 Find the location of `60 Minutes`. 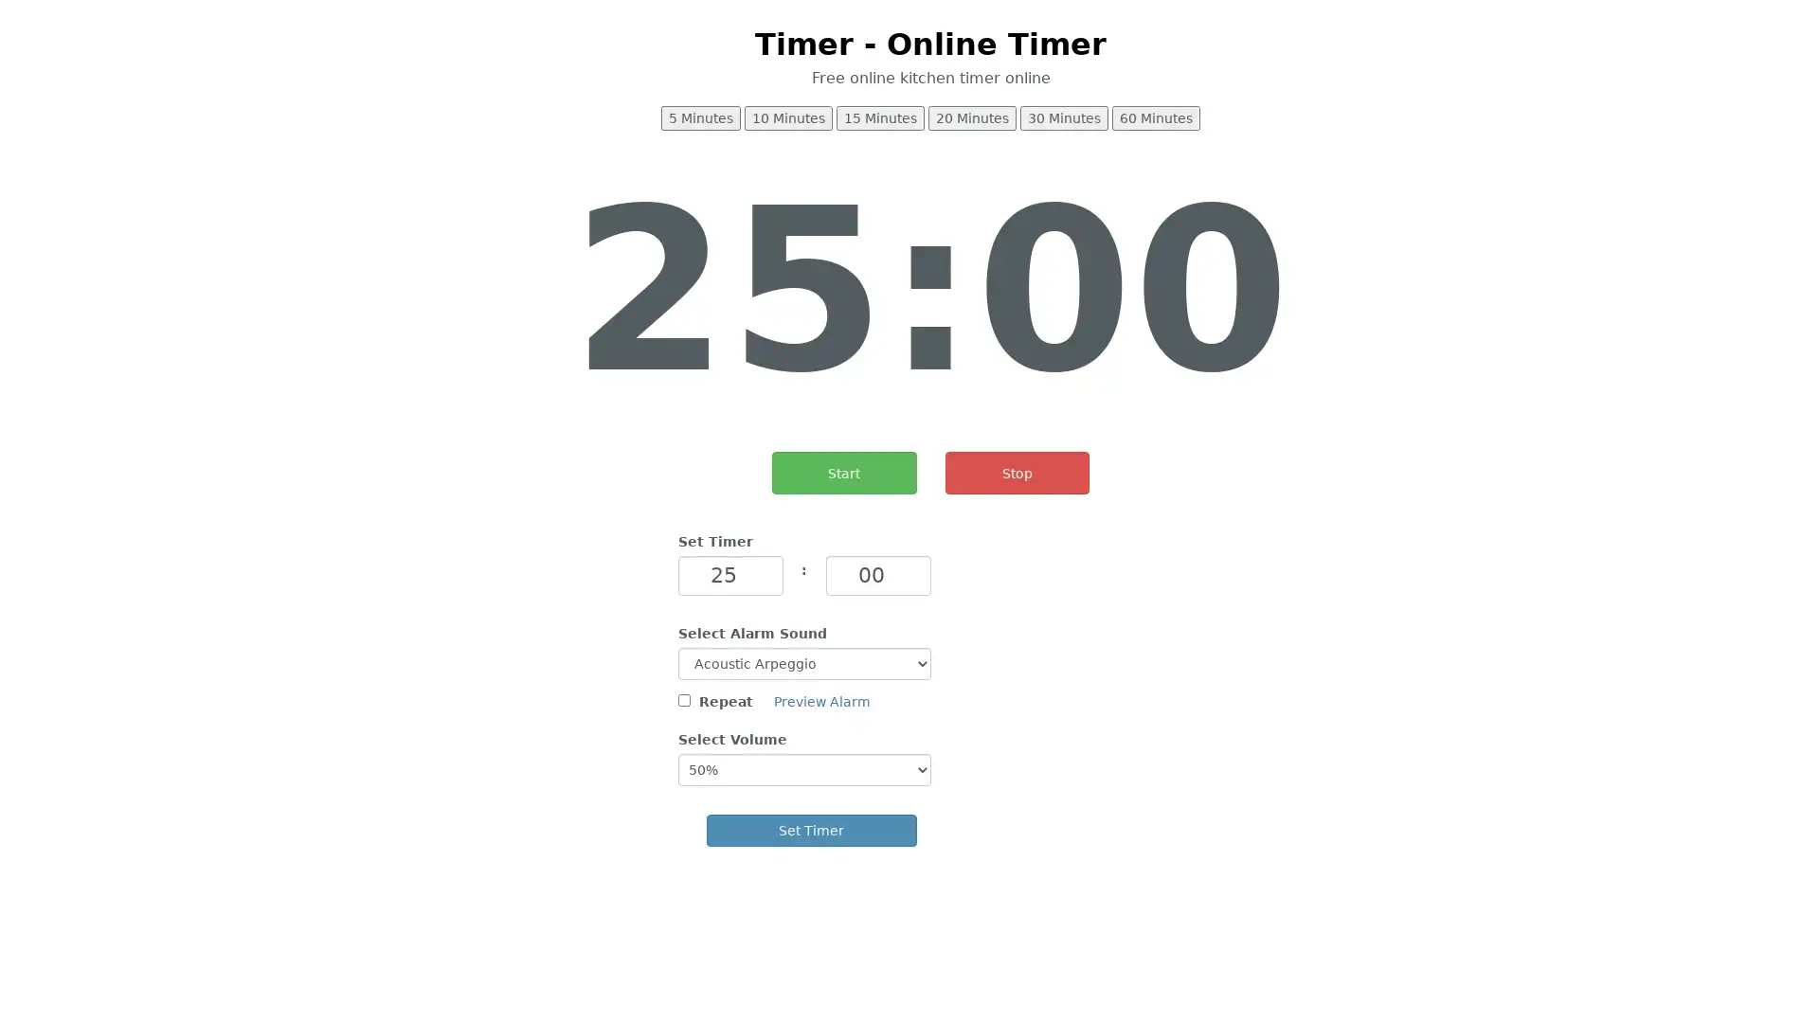

60 Minutes is located at coordinates (1155, 117).